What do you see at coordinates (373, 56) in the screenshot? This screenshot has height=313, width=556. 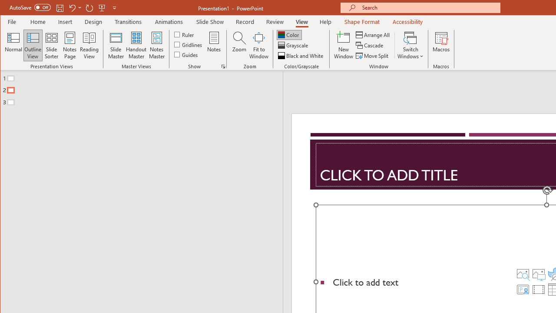 I see `'Move Split'` at bounding box center [373, 56].